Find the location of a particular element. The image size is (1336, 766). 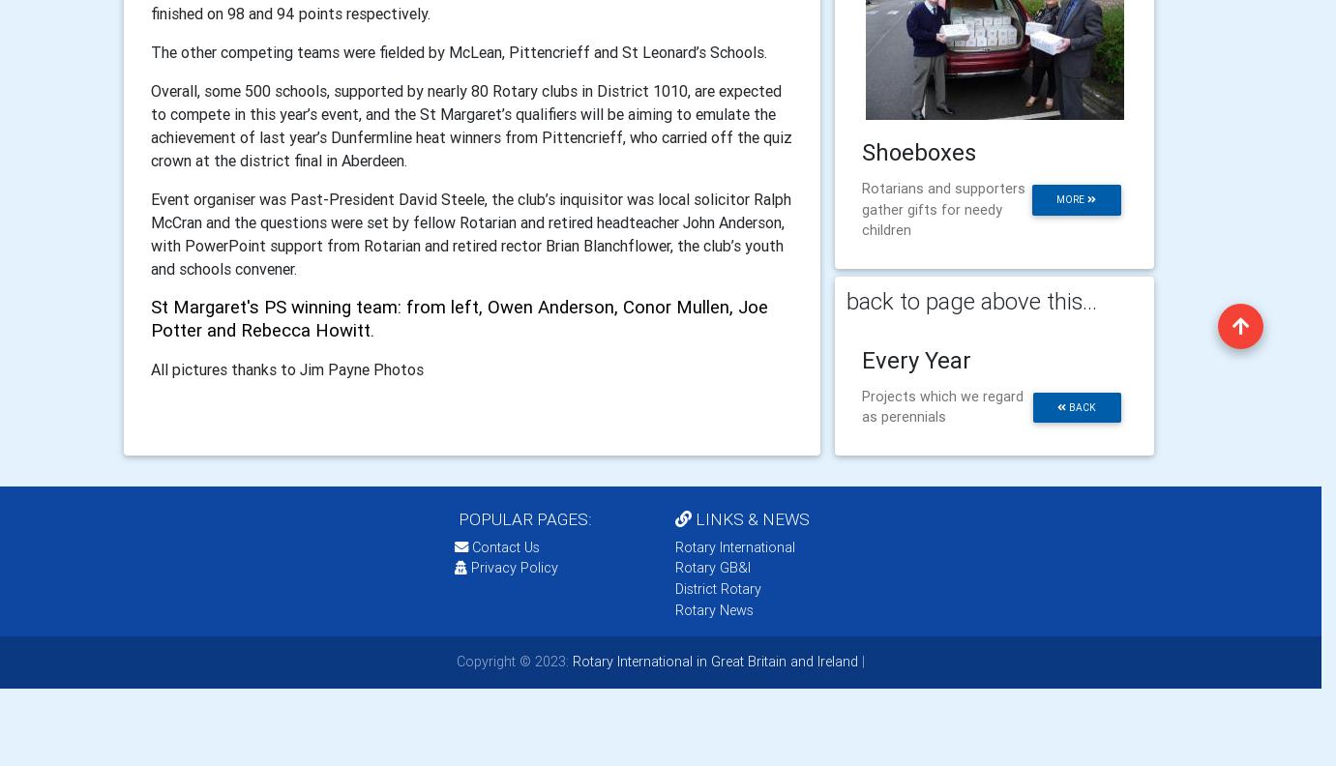

'Shoeboxes' is located at coordinates (862, 152).